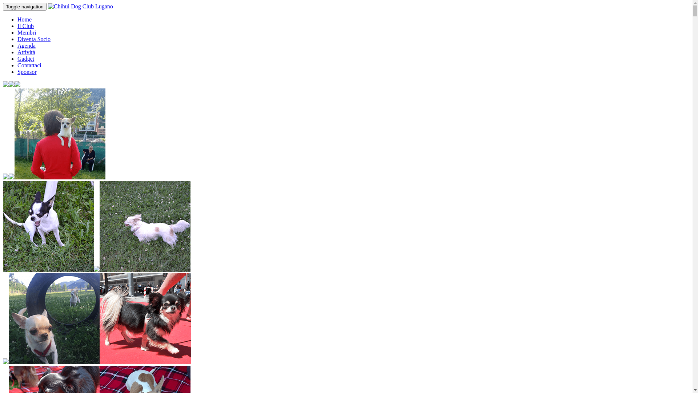 Image resolution: width=698 pixels, height=393 pixels. I want to click on 'Home', so click(24, 19).